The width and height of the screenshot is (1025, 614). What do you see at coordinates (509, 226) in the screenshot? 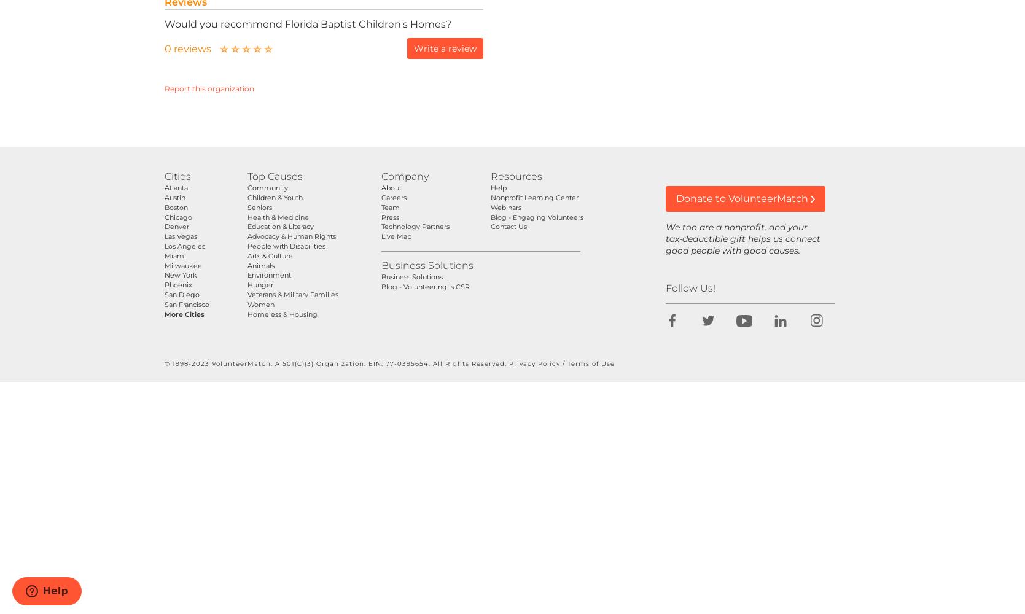
I see `'Contact Us'` at bounding box center [509, 226].